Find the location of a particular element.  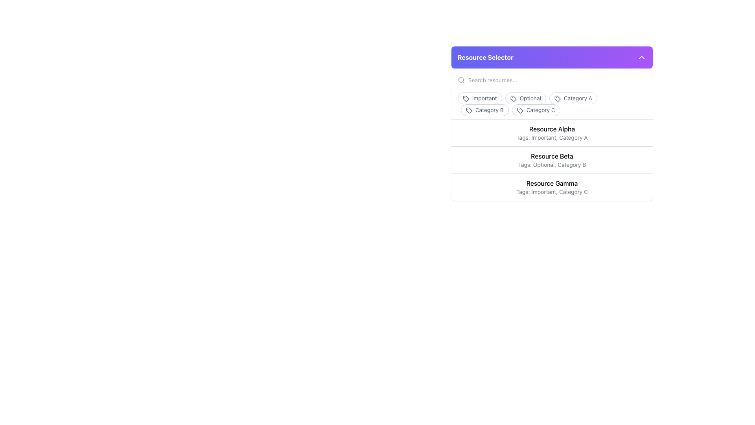

the search icon located at the far left of the 'Resource Selector' section, which indicates the search functionality of the associated input field is located at coordinates (461, 80).